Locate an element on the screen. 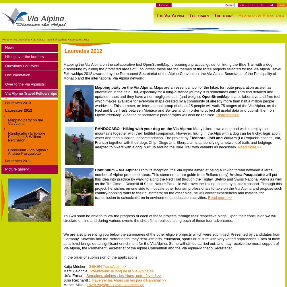 This screenshot has width=287, height=287. 'News' is located at coordinates (10, 47).